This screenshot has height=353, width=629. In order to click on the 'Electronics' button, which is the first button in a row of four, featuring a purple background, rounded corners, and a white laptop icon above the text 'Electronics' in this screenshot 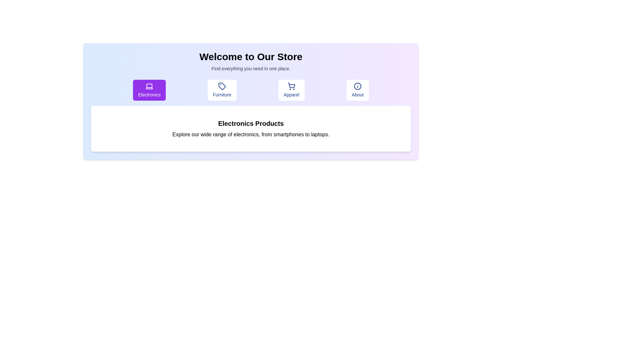, I will do `click(149, 90)`.